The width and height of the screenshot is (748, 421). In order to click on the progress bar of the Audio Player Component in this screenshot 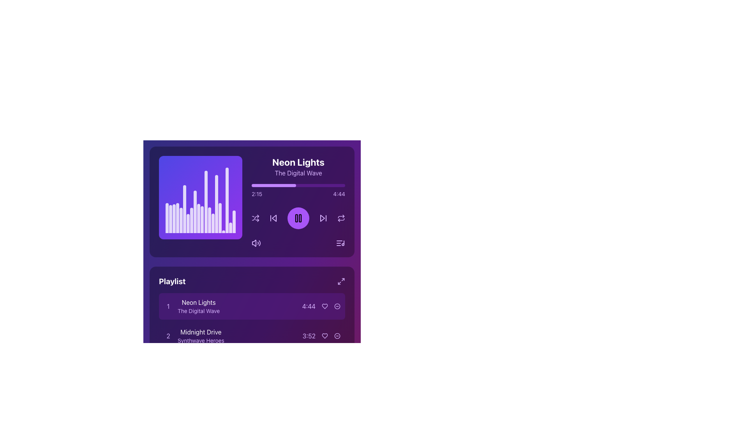, I will do `click(252, 201)`.